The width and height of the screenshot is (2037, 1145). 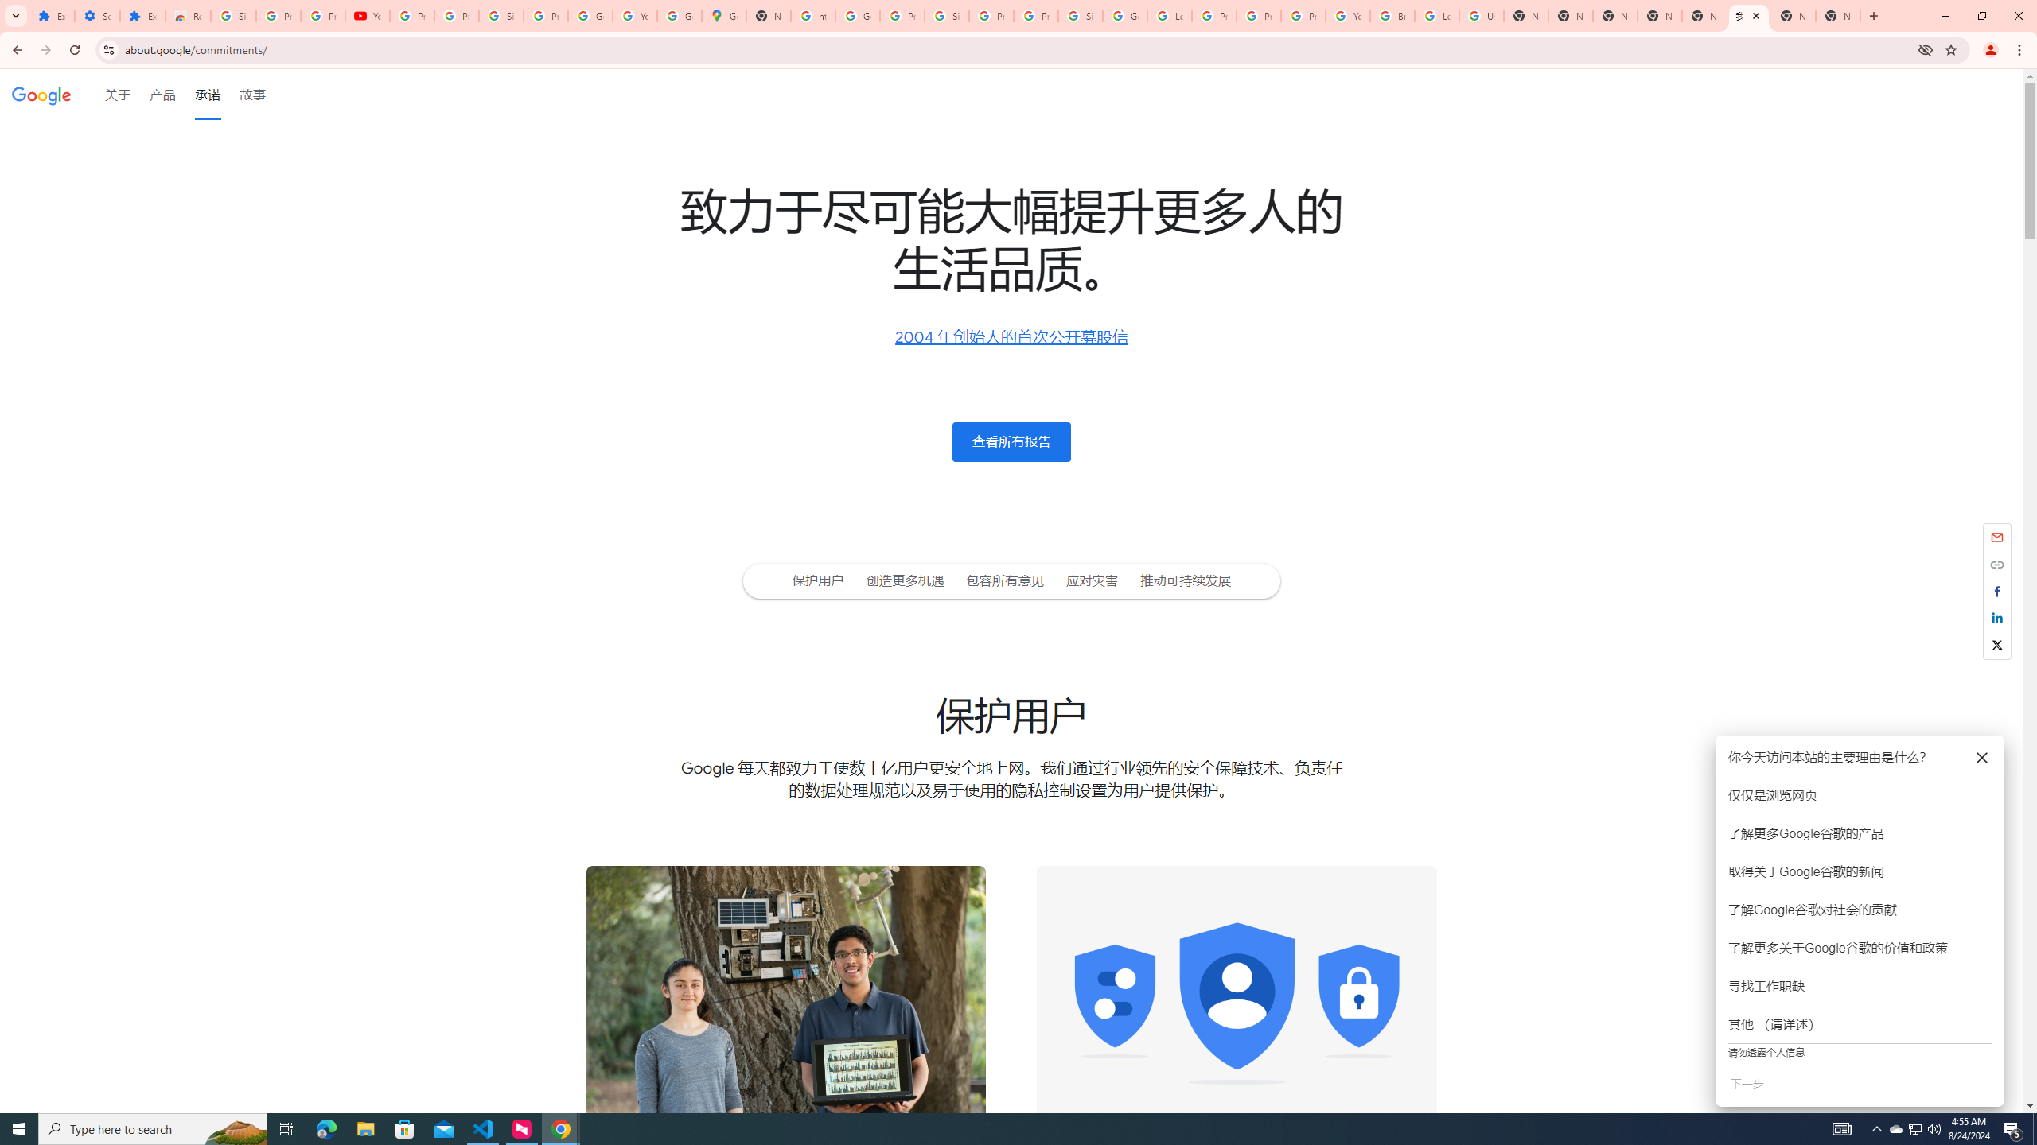 I want to click on 'New Tab', so click(x=1838, y=15).